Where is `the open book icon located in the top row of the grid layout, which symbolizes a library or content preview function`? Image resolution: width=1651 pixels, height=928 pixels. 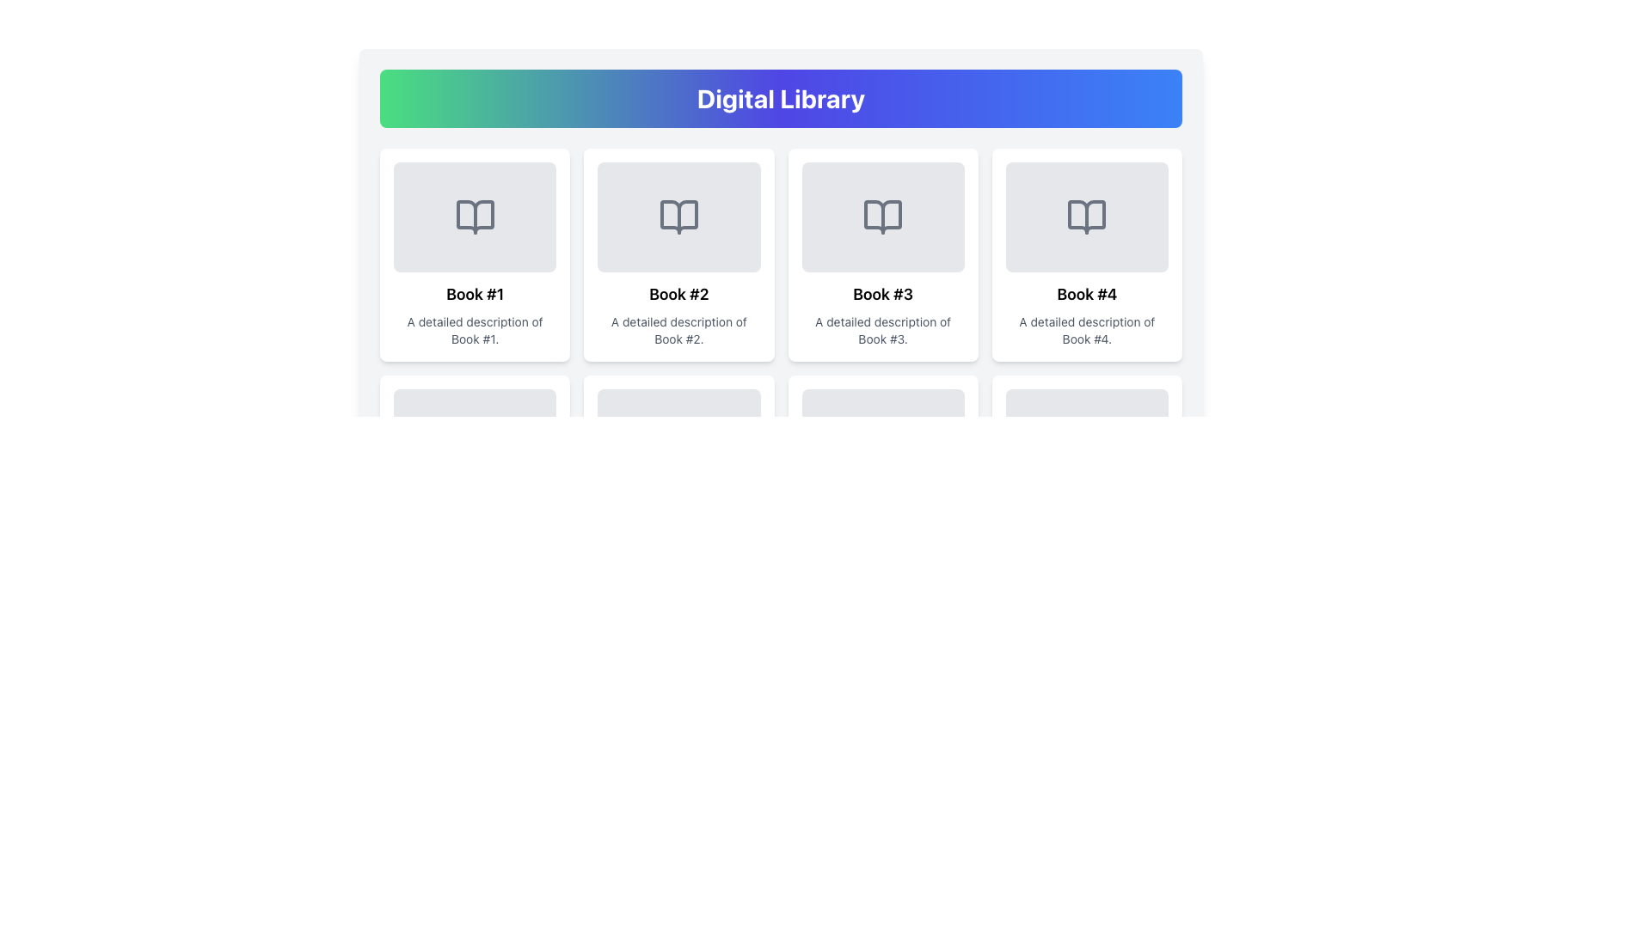
the open book icon located in the top row of the grid layout, which symbolizes a library or content preview function is located at coordinates (475, 217).